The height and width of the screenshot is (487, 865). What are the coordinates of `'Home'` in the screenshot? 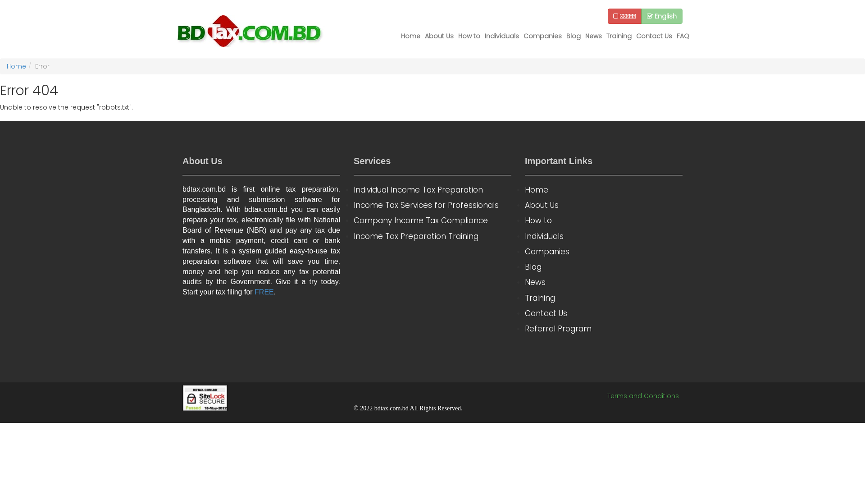 It's located at (410, 36).